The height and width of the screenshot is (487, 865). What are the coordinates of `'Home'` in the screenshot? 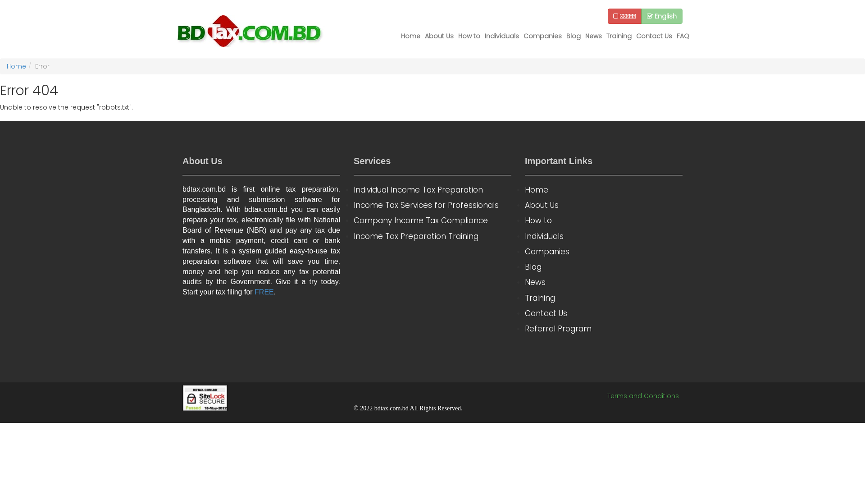 It's located at (410, 36).